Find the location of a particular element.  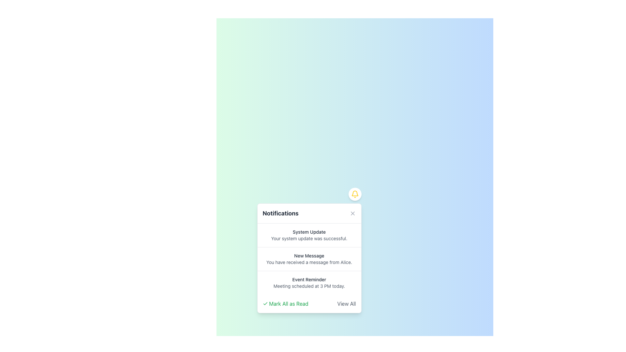

the green 'Mark All as Read' button with a checkmark icon located at the bottom of the notification pop-up to mark all notifications as read is located at coordinates (285, 304).